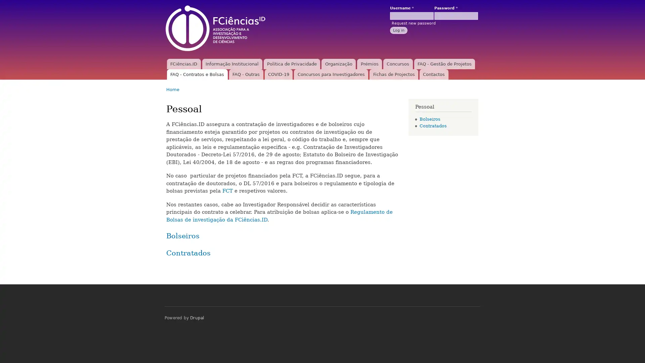 The width and height of the screenshot is (645, 363). Describe the element at coordinates (398, 30) in the screenshot. I see `Log in` at that location.